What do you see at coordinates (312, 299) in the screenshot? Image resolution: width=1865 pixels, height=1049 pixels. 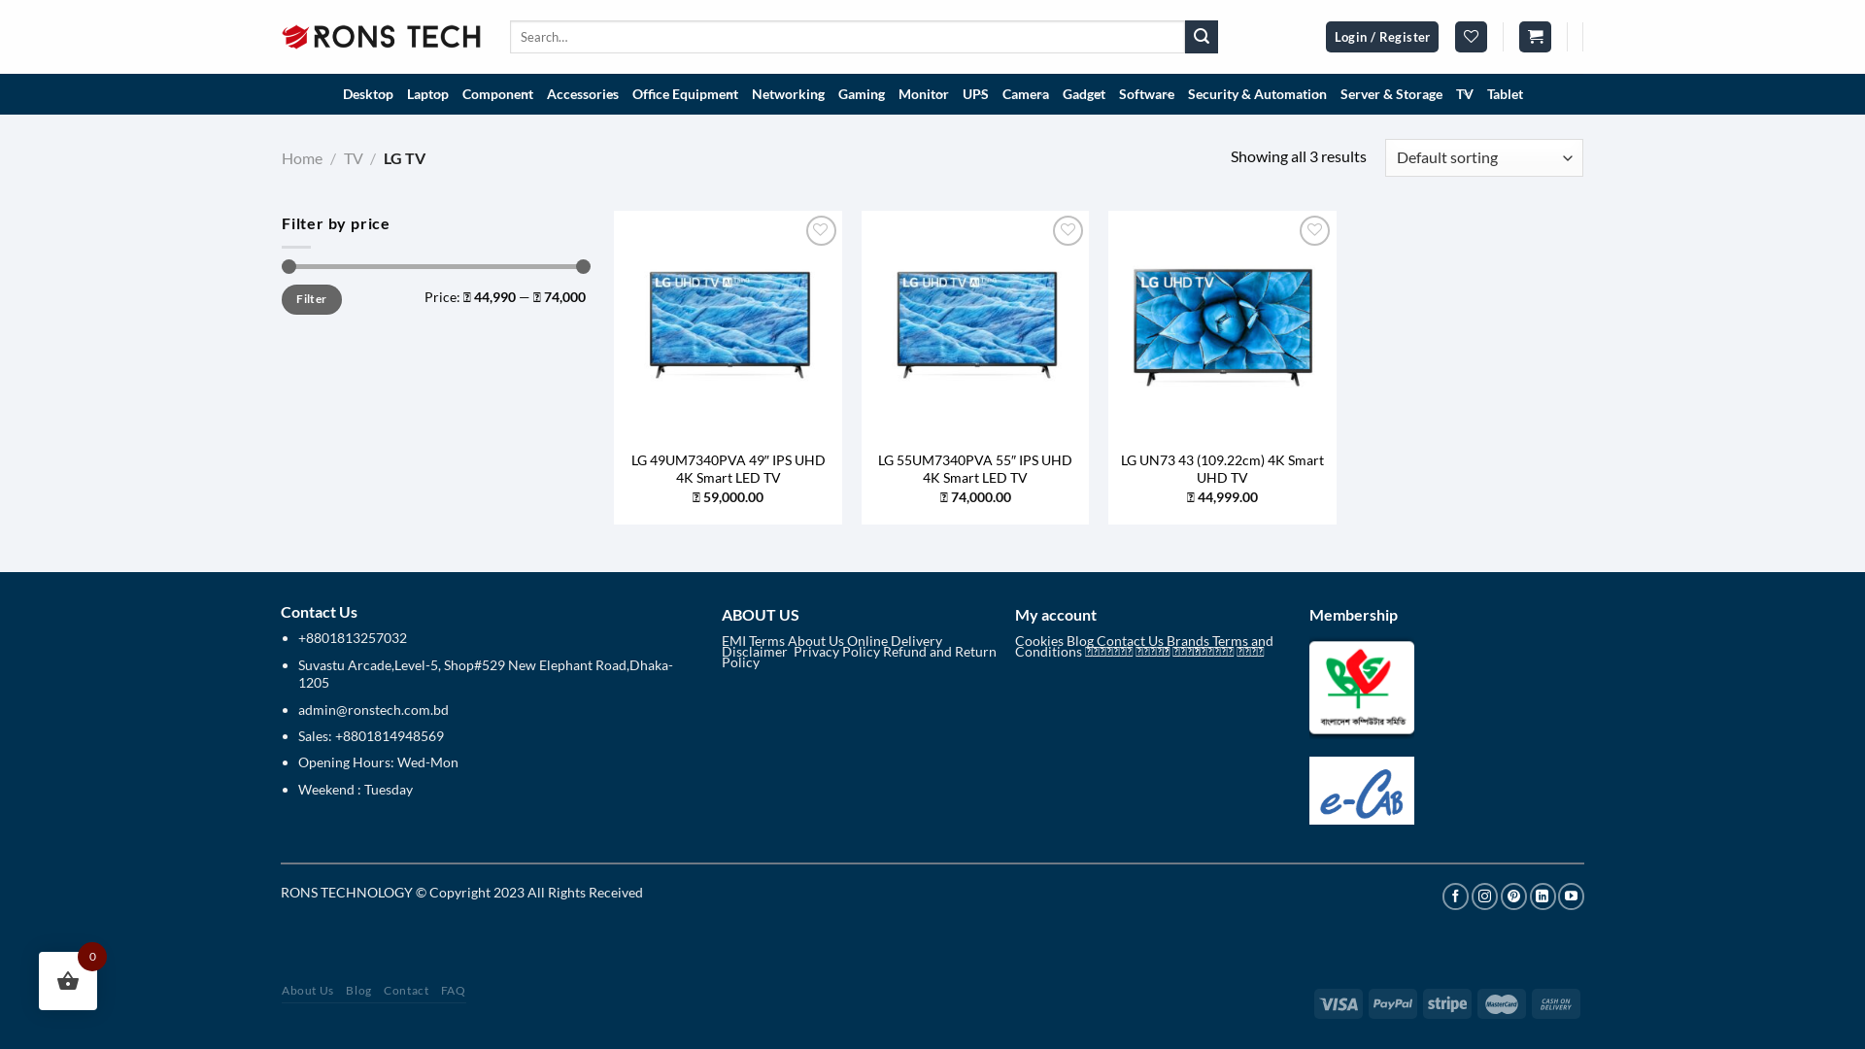 I see `'Filter'` at bounding box center [312, 299].